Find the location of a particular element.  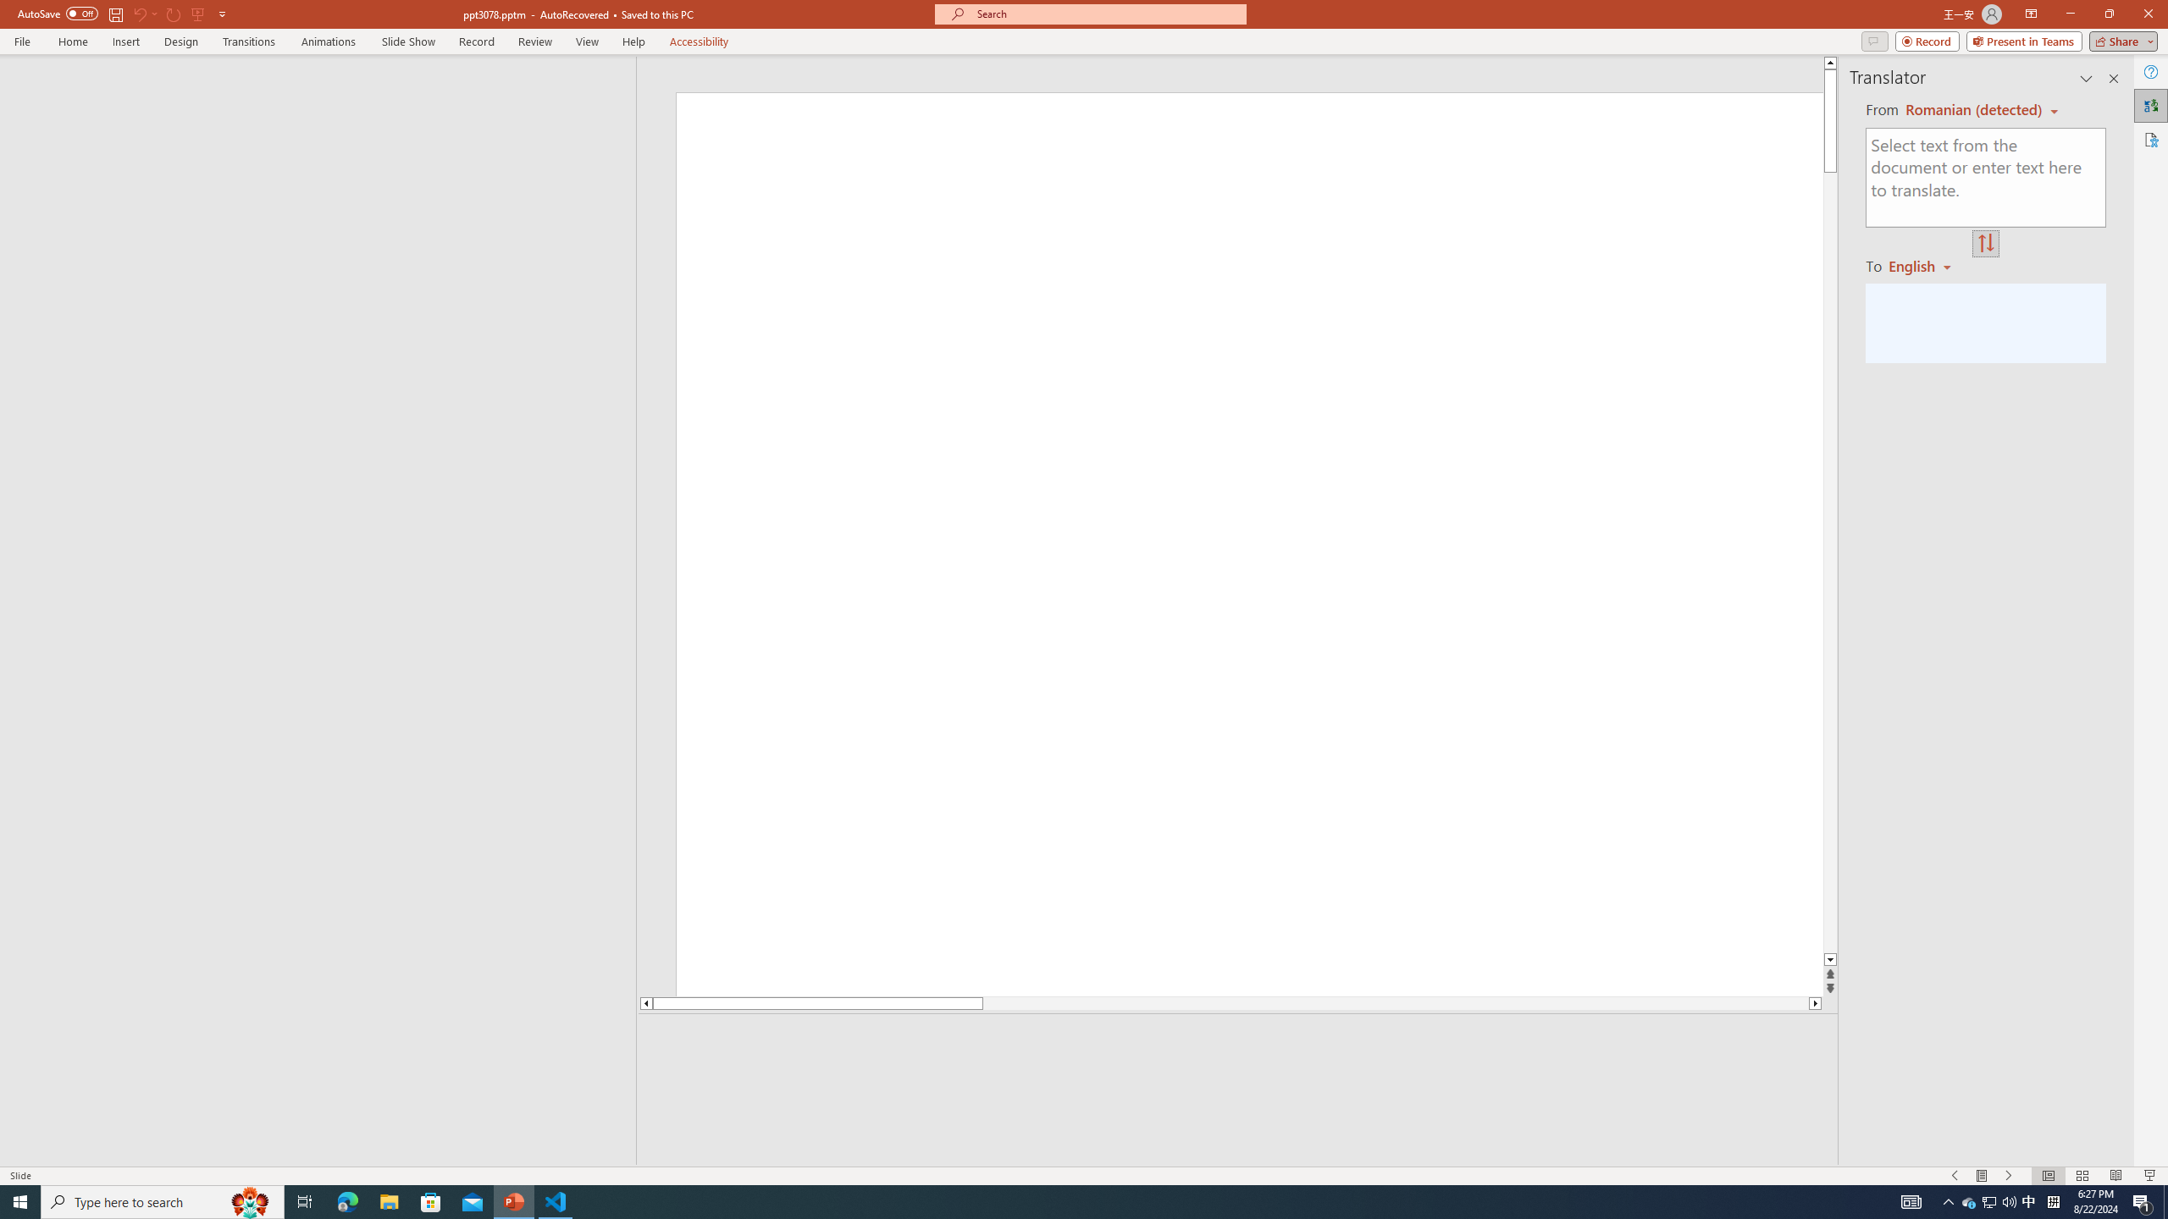

'Menu On' is located at coordinates (1982, 1176).